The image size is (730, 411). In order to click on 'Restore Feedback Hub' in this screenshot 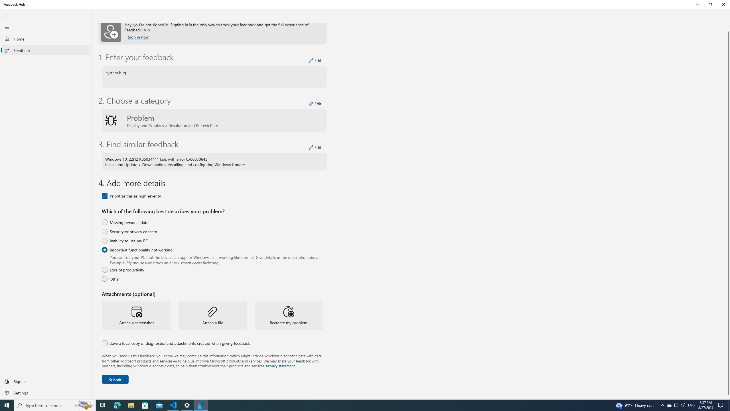, I will do `click(710, 4)`.